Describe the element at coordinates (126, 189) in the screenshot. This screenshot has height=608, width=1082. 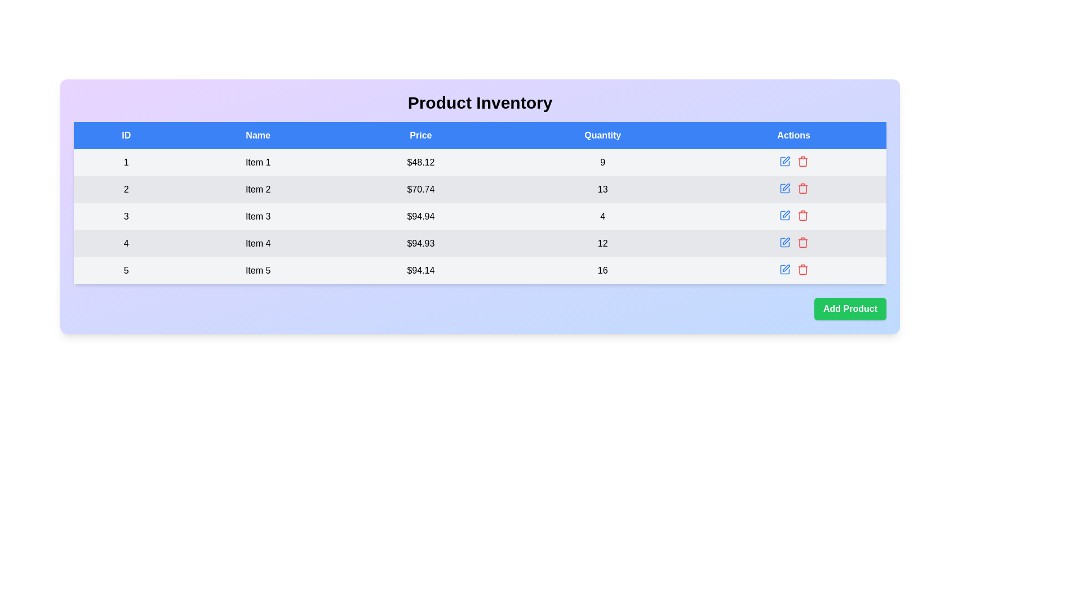
I see `the text label displaying the number '2' in the first column of the second row of the table, which has a light gray background and black text` at that location.